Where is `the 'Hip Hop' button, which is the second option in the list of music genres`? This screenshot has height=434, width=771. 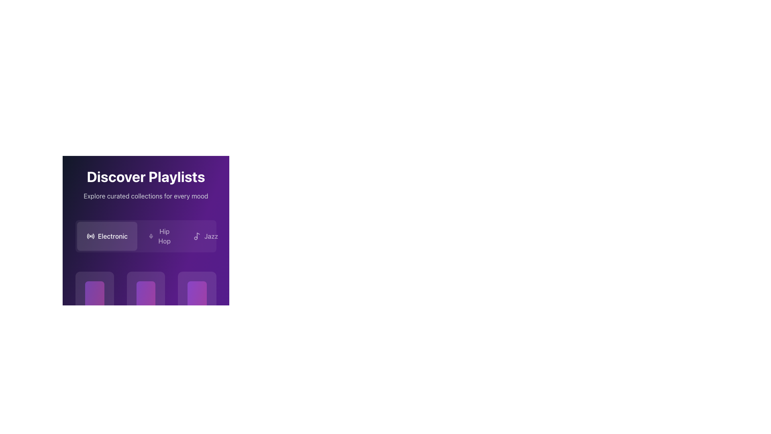 the 'Hip Hop' button, which is the second option in the list of music genres is located at coordinates (160, 235).